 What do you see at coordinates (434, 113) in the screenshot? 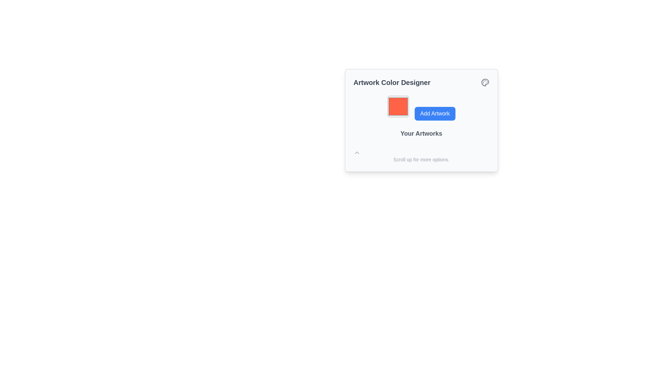
I see `the 'Add Artwork' button located to the right of the color picker box in the 'Artwork Color Designer' card interface` at bounding box center [434, 113].